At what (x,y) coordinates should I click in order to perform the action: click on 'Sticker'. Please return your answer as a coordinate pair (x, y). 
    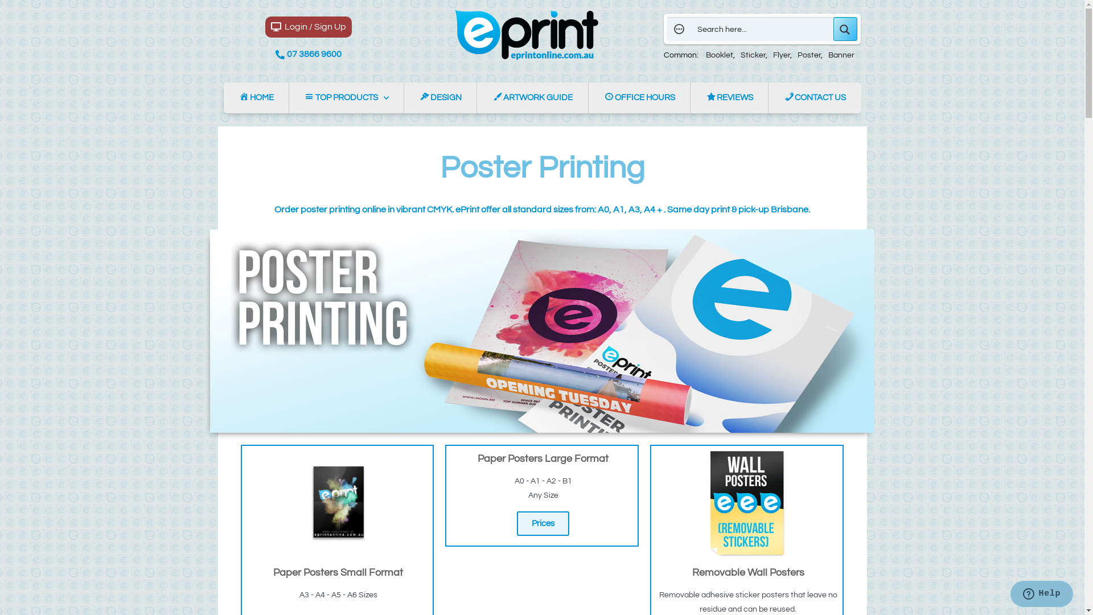
    Looking at the image, I should click on (754, 55).